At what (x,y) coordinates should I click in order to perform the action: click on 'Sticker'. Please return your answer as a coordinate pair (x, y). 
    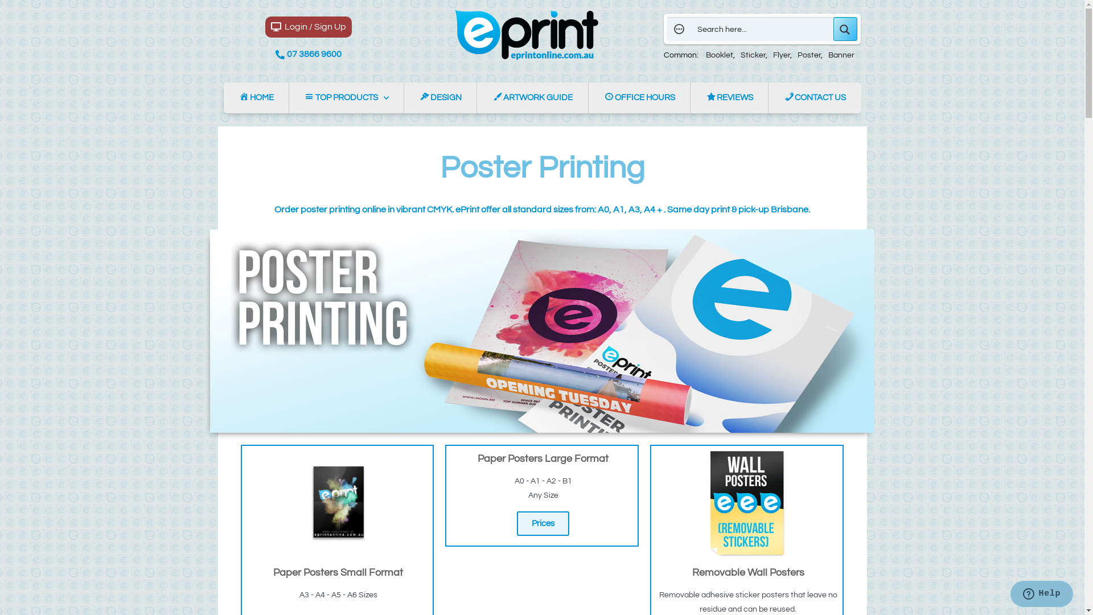
    Looking at the image, I should click on (754, 55).